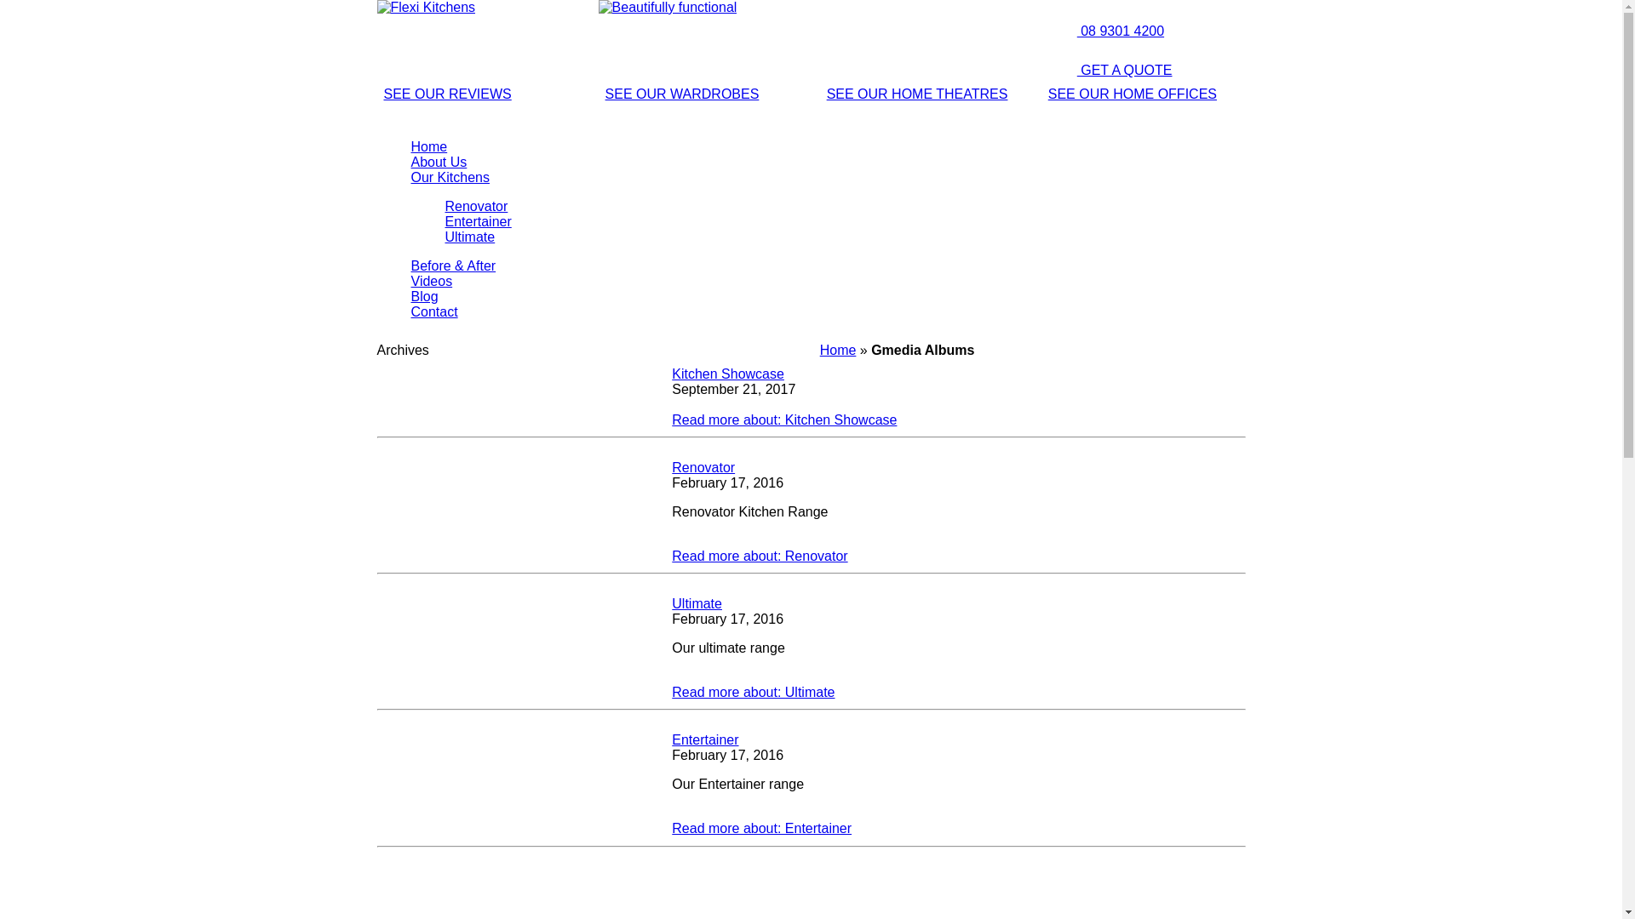 This screenshot has height=919, width=1635. Describe the element at coordinates (916, 94) in the screenshot. I see `'SEE OUR HOME THEATRES'` at that location.